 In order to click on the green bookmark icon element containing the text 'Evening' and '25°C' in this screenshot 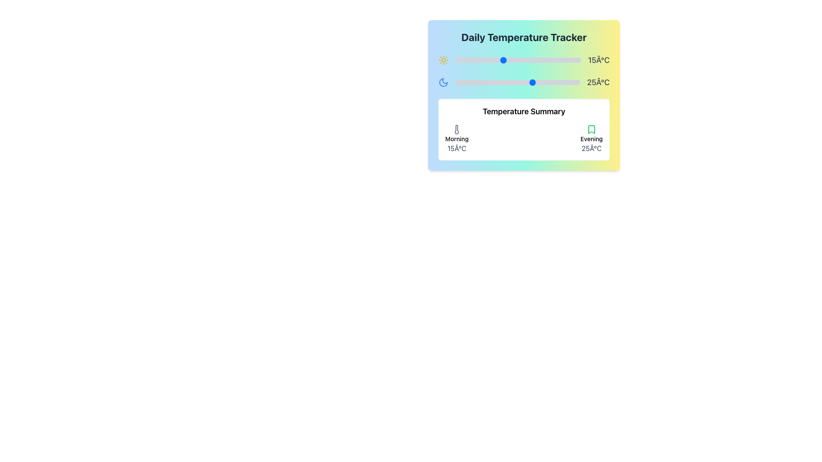, I will do `click(591, 138)`.